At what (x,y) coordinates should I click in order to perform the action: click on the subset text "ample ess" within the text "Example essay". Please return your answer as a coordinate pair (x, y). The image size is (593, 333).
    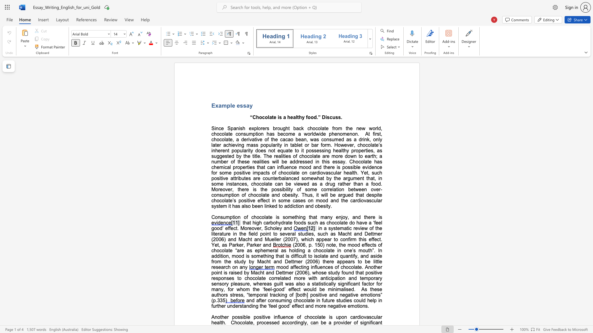
    Looking at the image, I should click on (218, 105).